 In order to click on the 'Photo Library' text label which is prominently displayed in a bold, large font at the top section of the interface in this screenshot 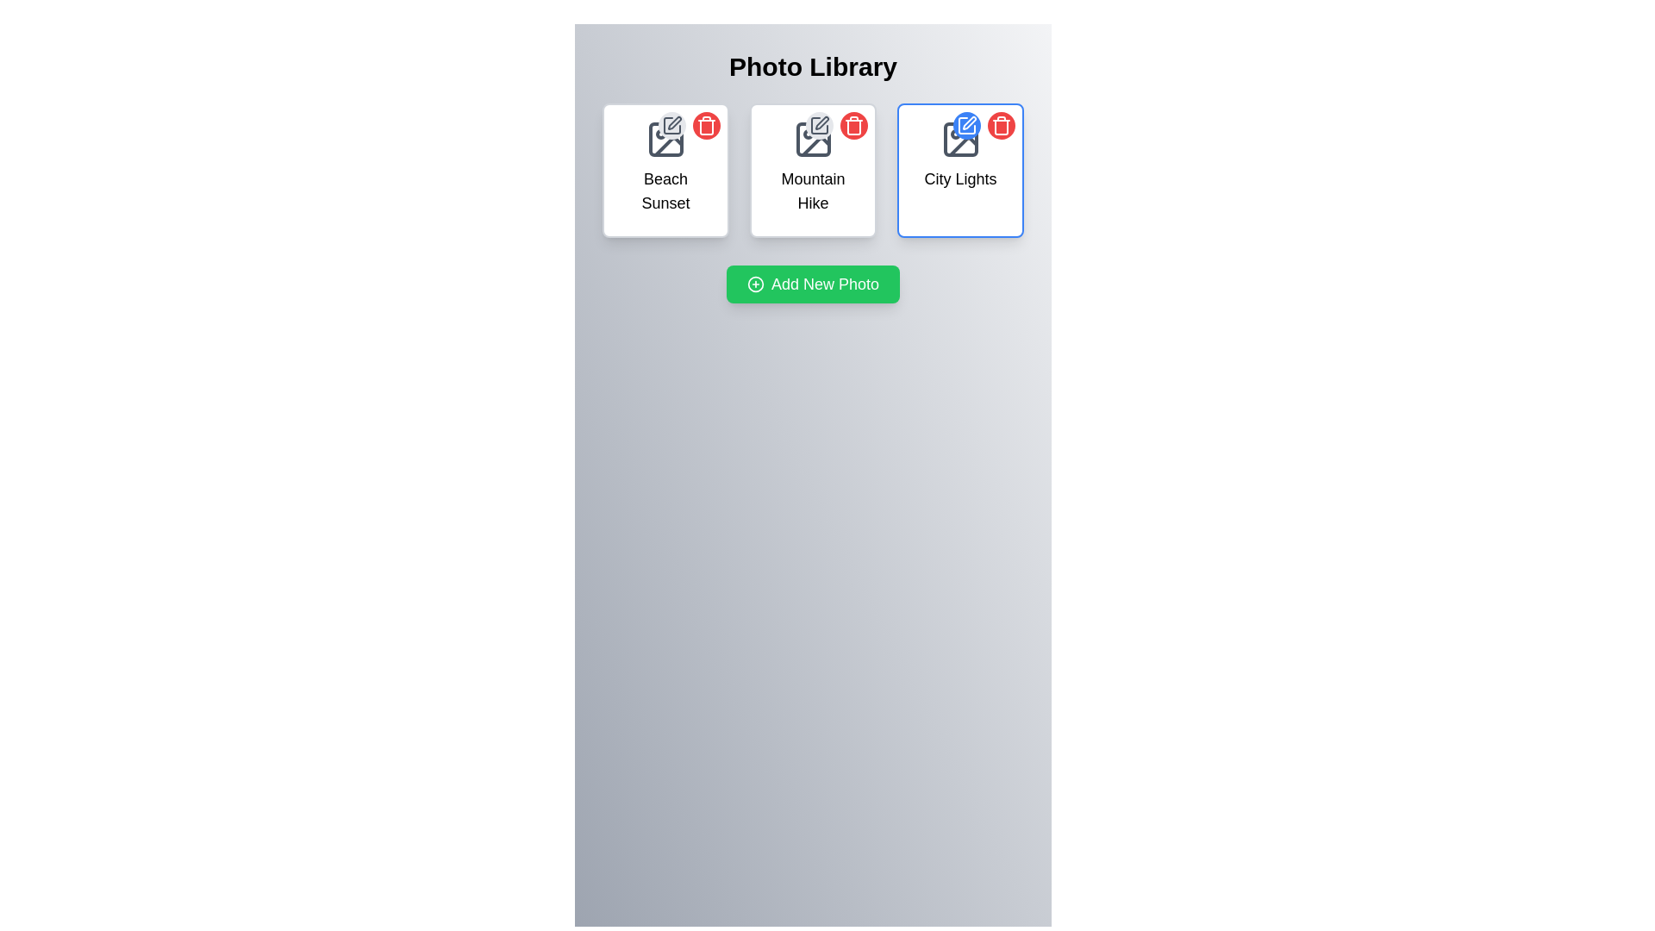, I will do `click(812, 66)`.